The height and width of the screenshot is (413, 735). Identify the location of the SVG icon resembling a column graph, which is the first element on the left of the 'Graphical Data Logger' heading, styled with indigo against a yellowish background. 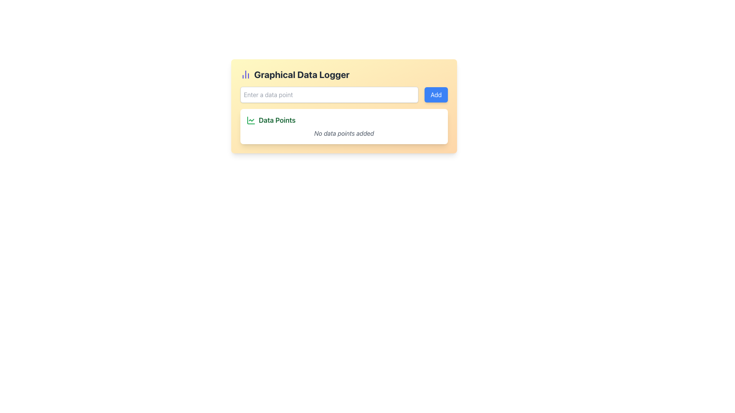
(246, 75).